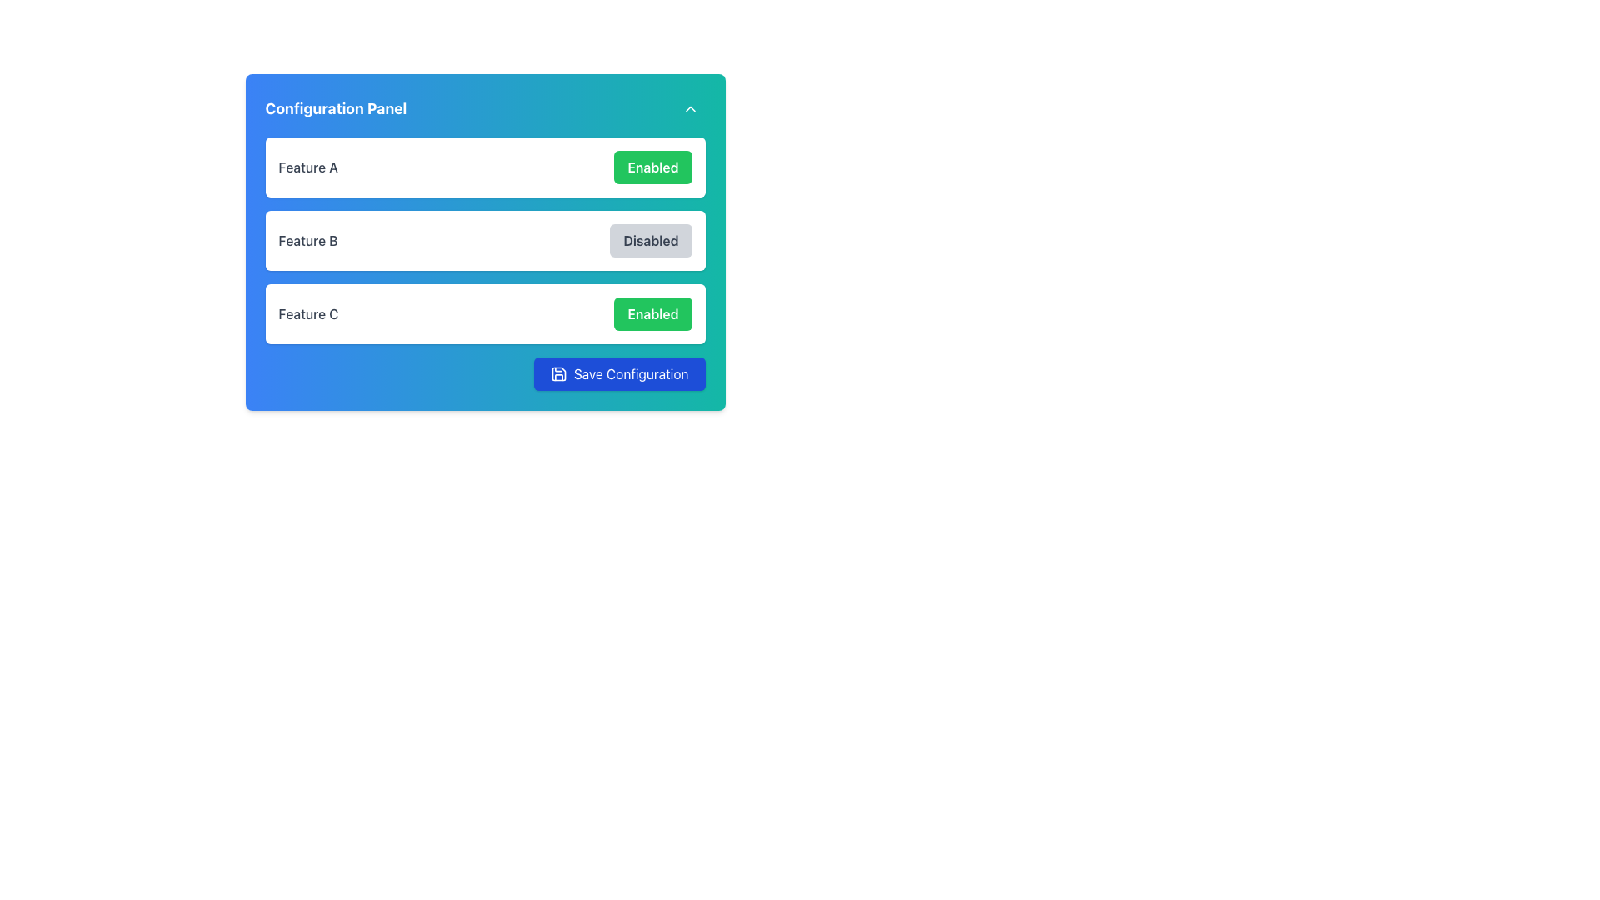 This screenshot has height=900, width=1600. What do you see at coordinates (307, 241) in the screenshot?
I see `the text label displaying 'Feature B' with gray font, located in the second row of the 'Configuration Panel' section` at bounding box center [307, 241].